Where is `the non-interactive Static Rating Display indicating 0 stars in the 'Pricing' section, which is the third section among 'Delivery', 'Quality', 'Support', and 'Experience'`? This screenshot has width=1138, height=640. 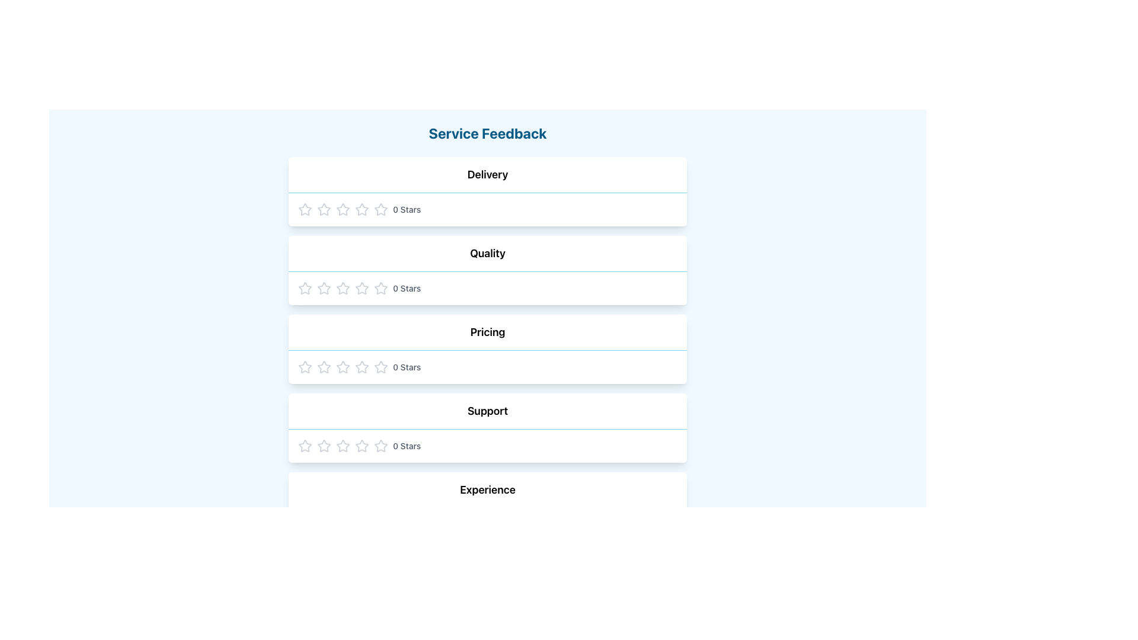 the non-interactive Static Rating Display indicating 0 stars in the 'Pricing' section, which is the third section among 'Delivery', 'Quality', 'Support', and 'Experience' is located at coordinates (487, 367).